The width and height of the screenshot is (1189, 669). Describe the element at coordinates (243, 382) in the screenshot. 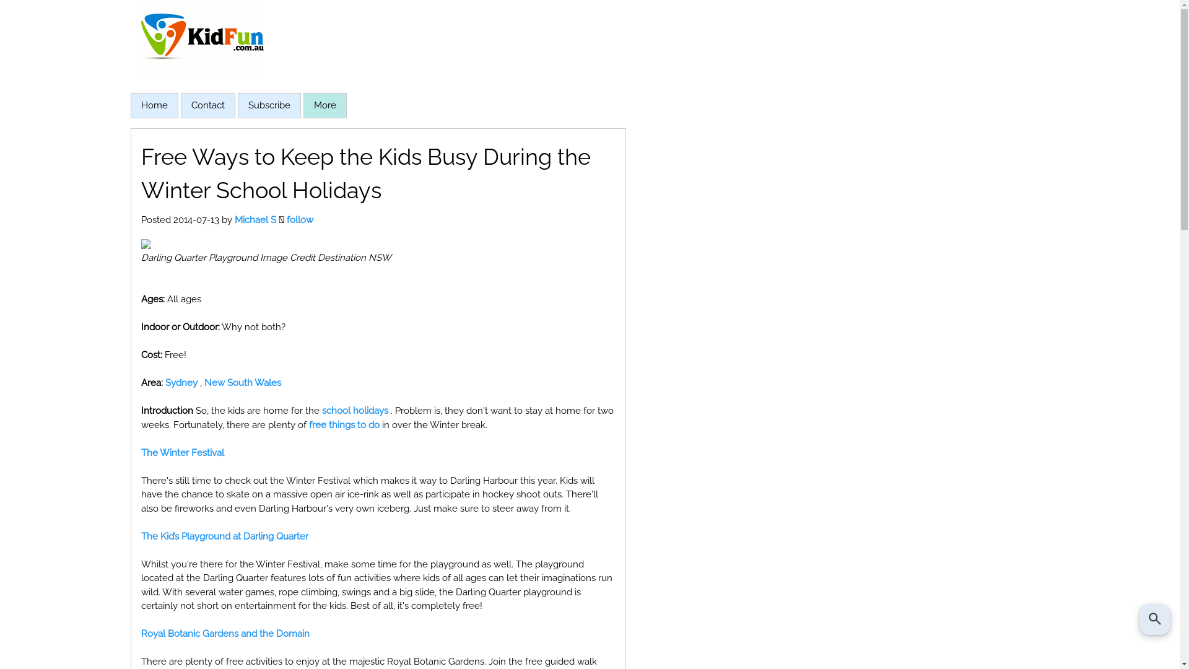

I see `'New South Wales'` at that location.